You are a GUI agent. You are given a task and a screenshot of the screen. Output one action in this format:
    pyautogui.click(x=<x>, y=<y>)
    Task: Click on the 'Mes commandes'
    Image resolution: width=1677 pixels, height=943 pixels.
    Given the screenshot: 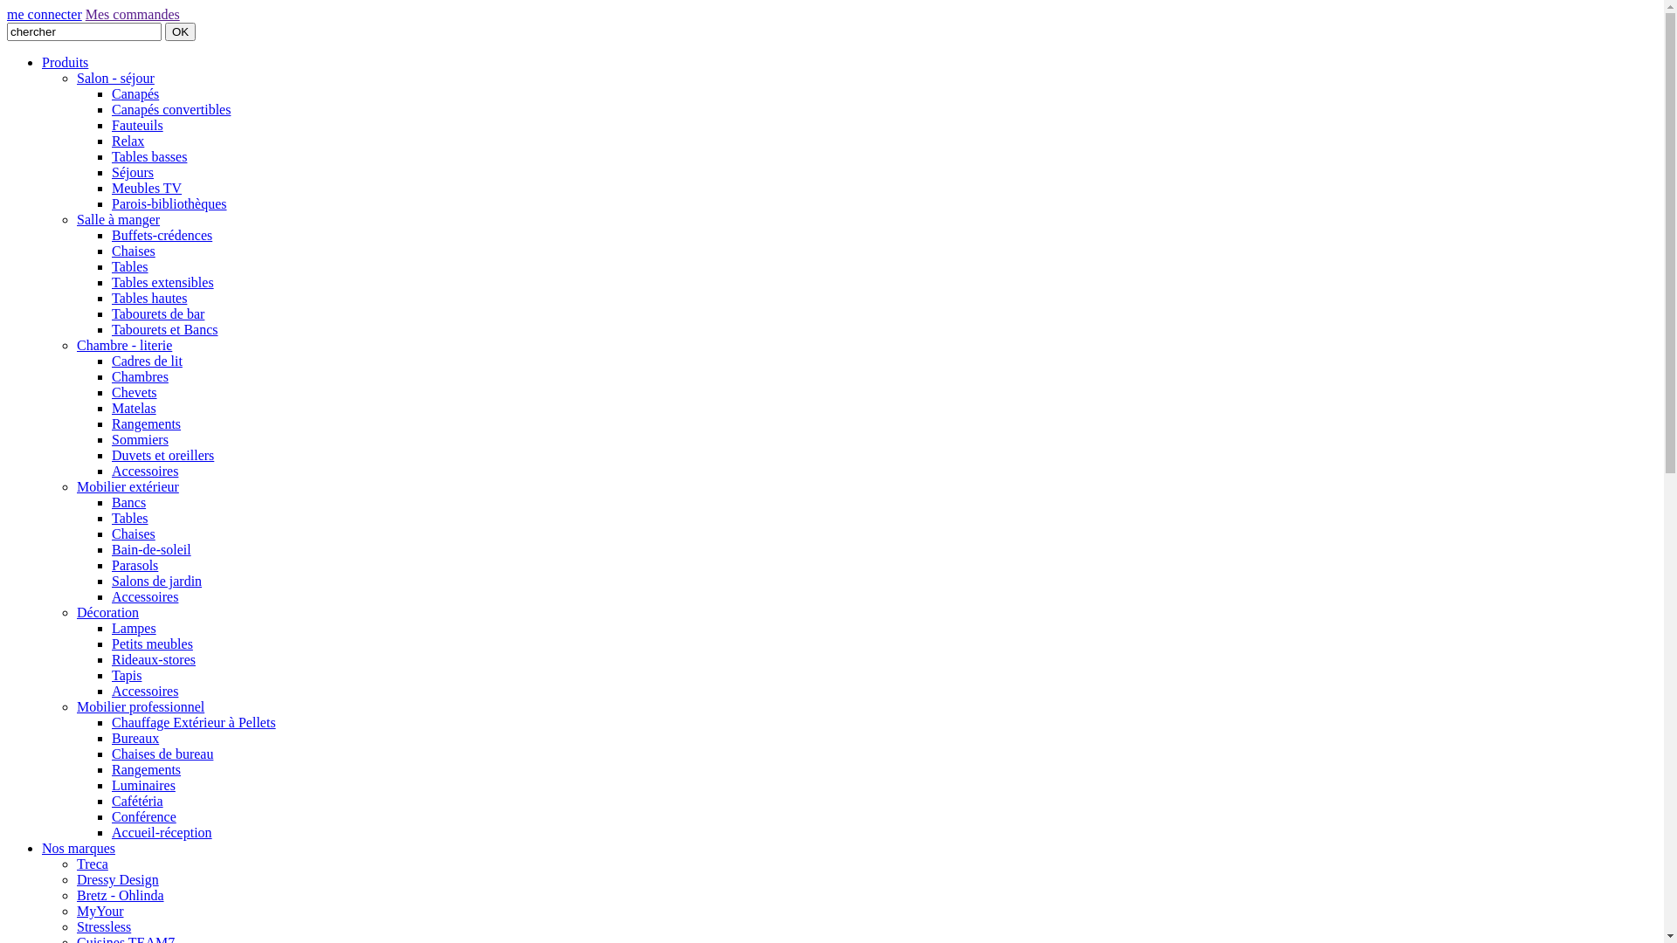 What is the action you would take?
    pyautogui.click(x=132, y=14)
    